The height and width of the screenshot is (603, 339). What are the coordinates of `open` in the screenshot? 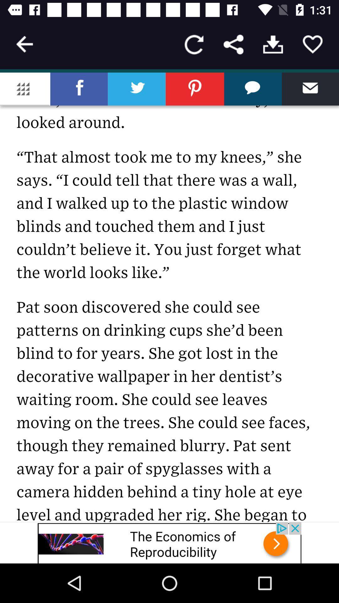 It's located at (273, 44).